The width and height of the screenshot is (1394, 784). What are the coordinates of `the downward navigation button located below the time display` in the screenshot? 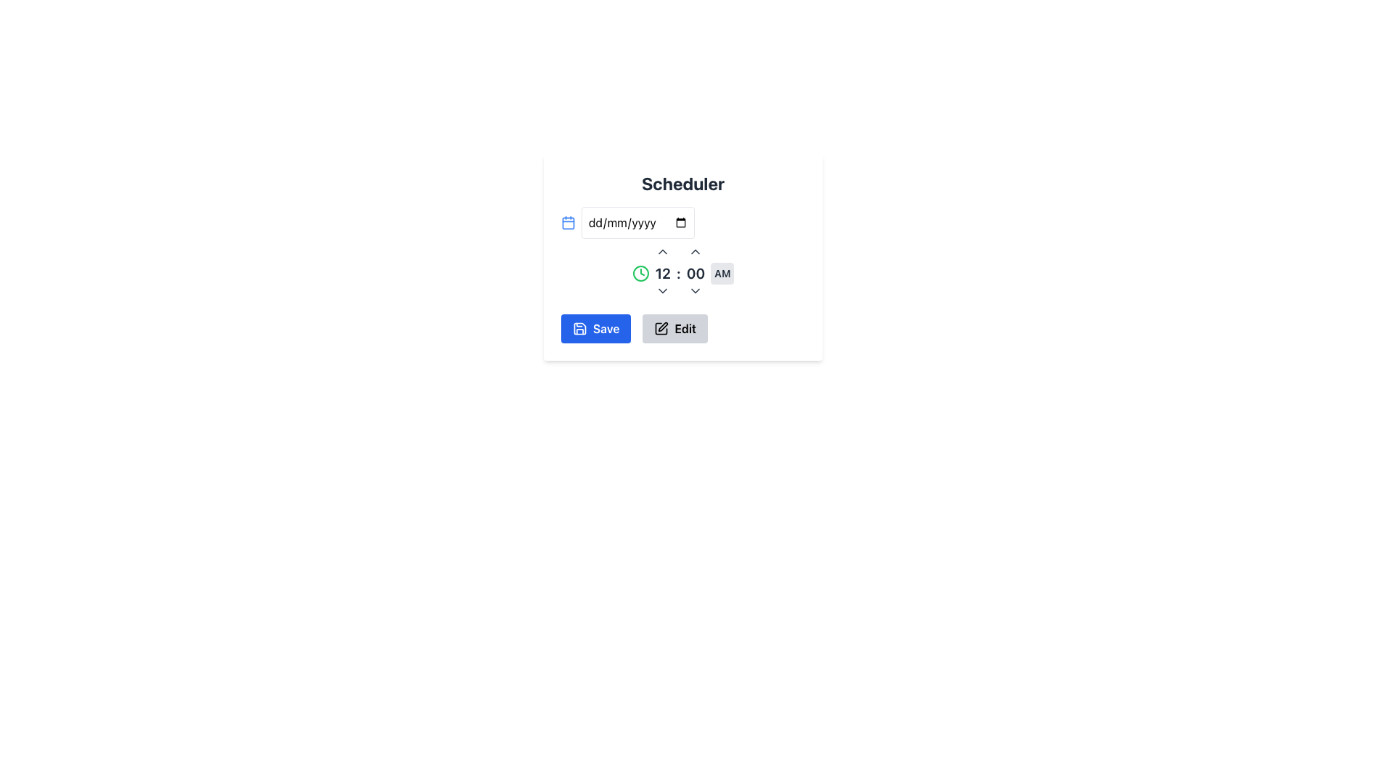 It's located at (695, 291).